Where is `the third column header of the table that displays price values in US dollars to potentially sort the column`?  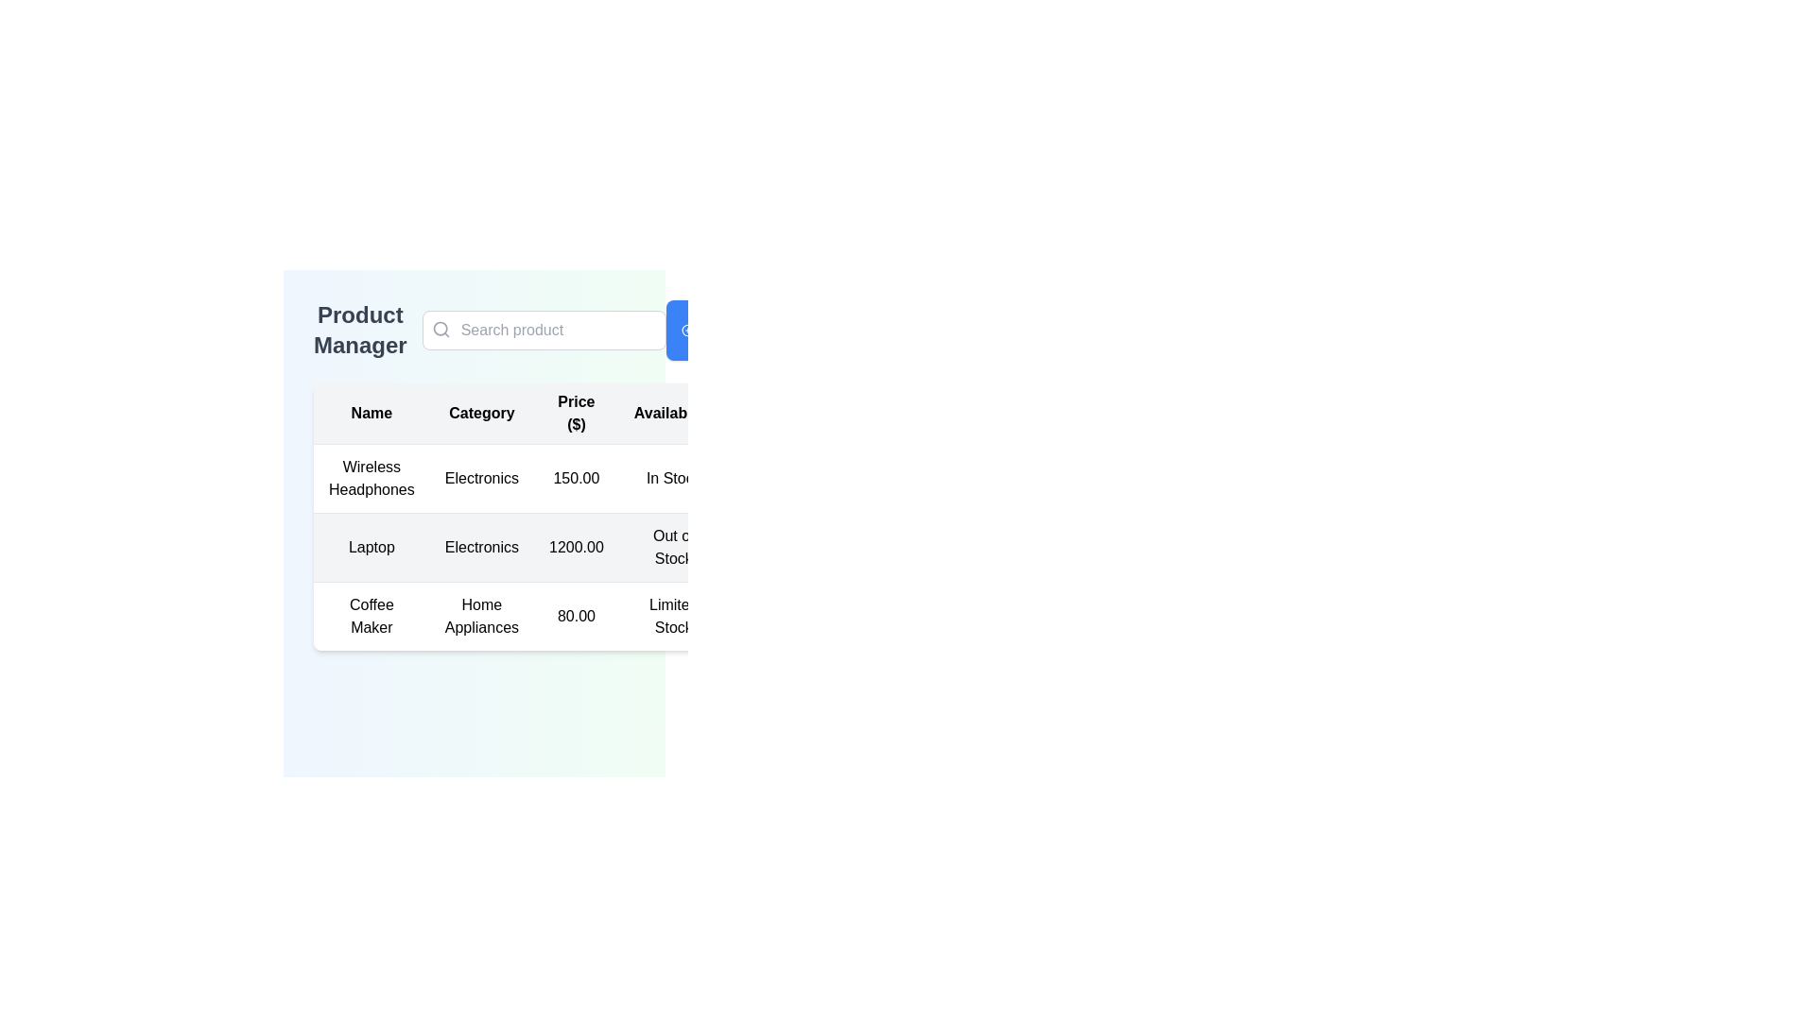 the third column header of the table that displays price values in US dollars to potentially sort the column is located at coordinates (573, 413).